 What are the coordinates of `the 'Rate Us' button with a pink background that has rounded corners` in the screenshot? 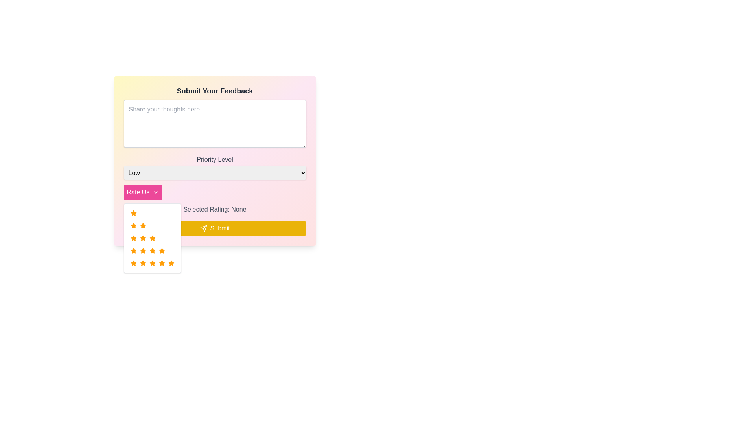 It's located at (215, 192).